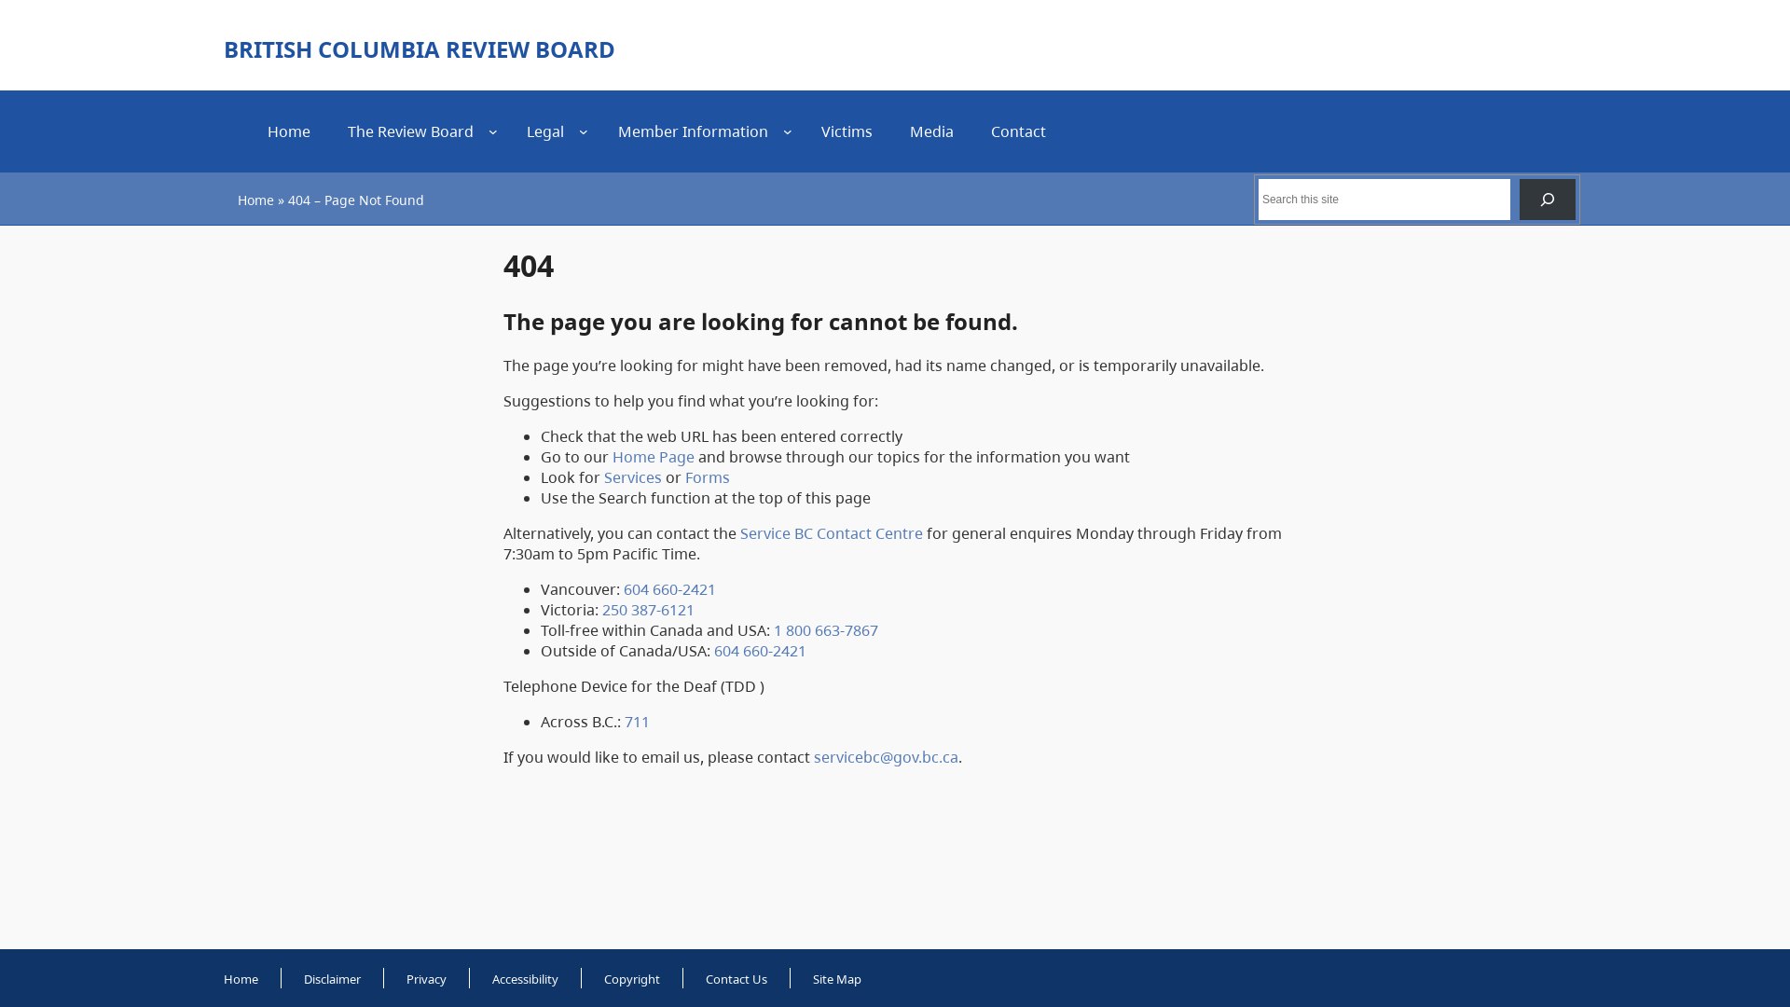  I want to click on 'Media', so click(931, 131).